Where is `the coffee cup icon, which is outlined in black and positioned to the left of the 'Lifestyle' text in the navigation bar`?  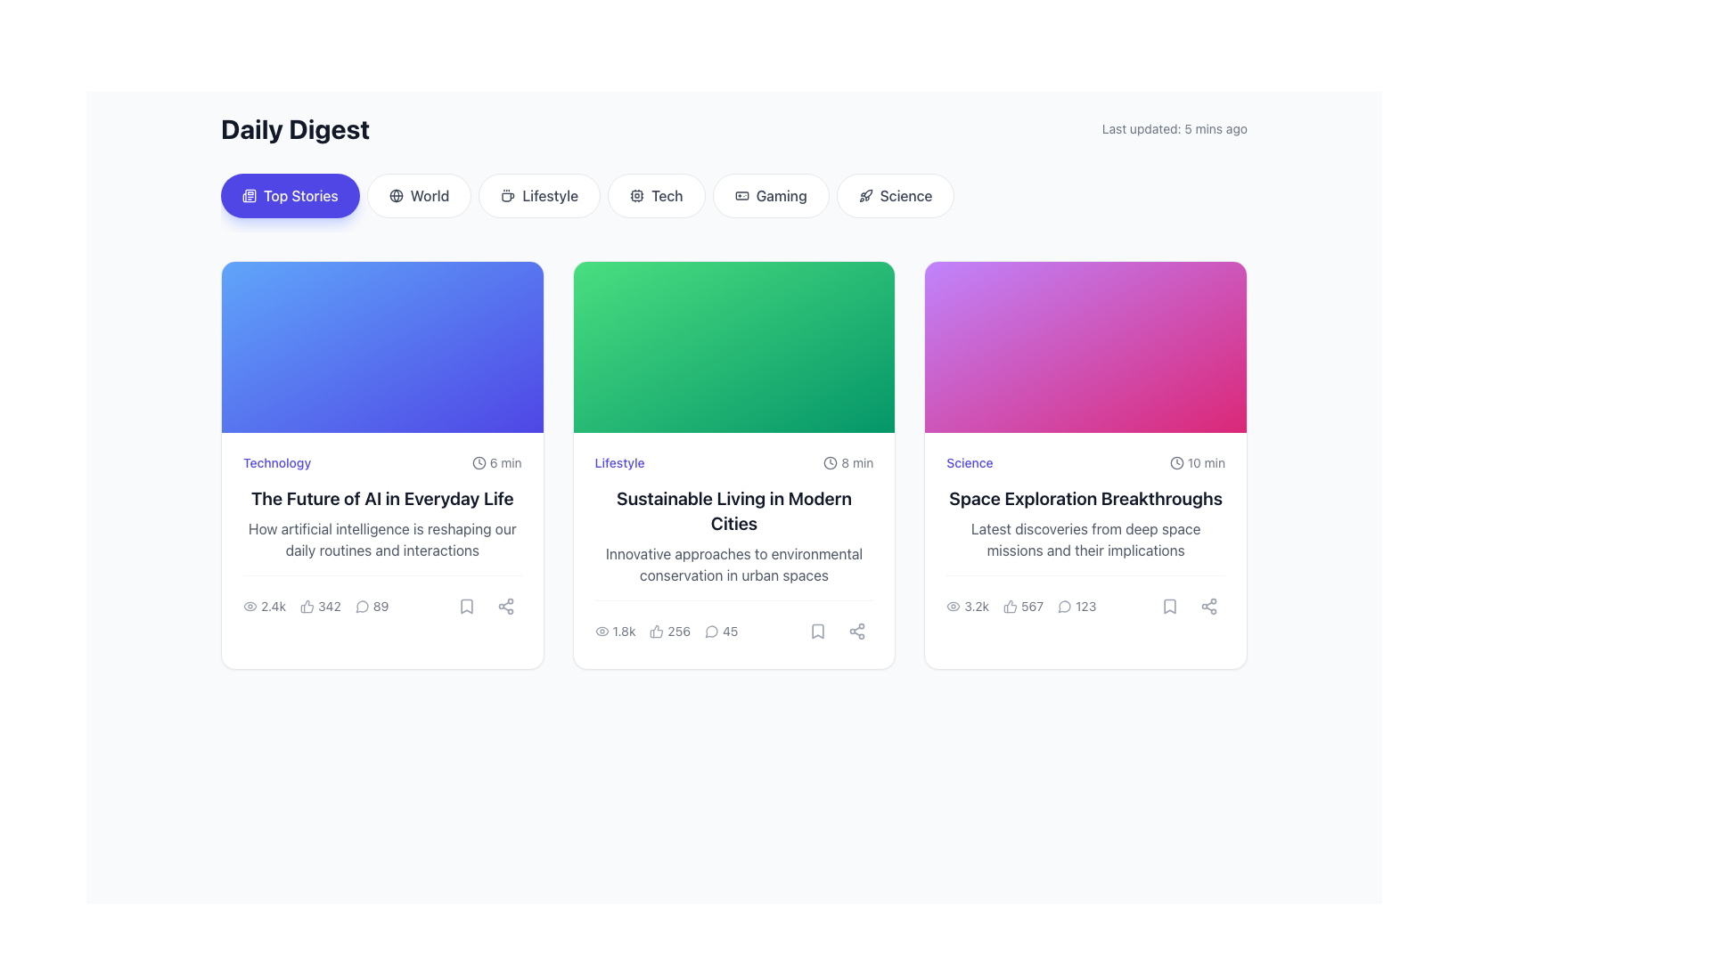
the coffee cup icon, which is outlined in black and positioned to the left of the 'Lifestyle' text in the navigation bar is located at coordinates (507, 195).